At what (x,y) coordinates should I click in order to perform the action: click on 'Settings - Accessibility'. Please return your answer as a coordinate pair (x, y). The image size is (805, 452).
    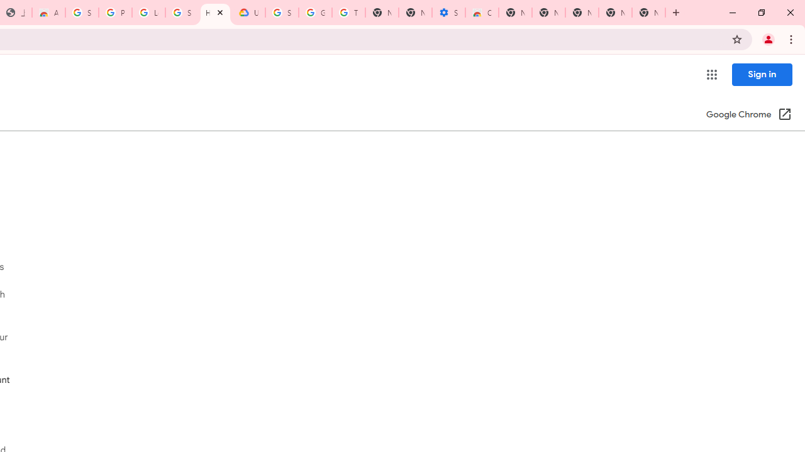
    Looking at the image, I should click on (448, 13).